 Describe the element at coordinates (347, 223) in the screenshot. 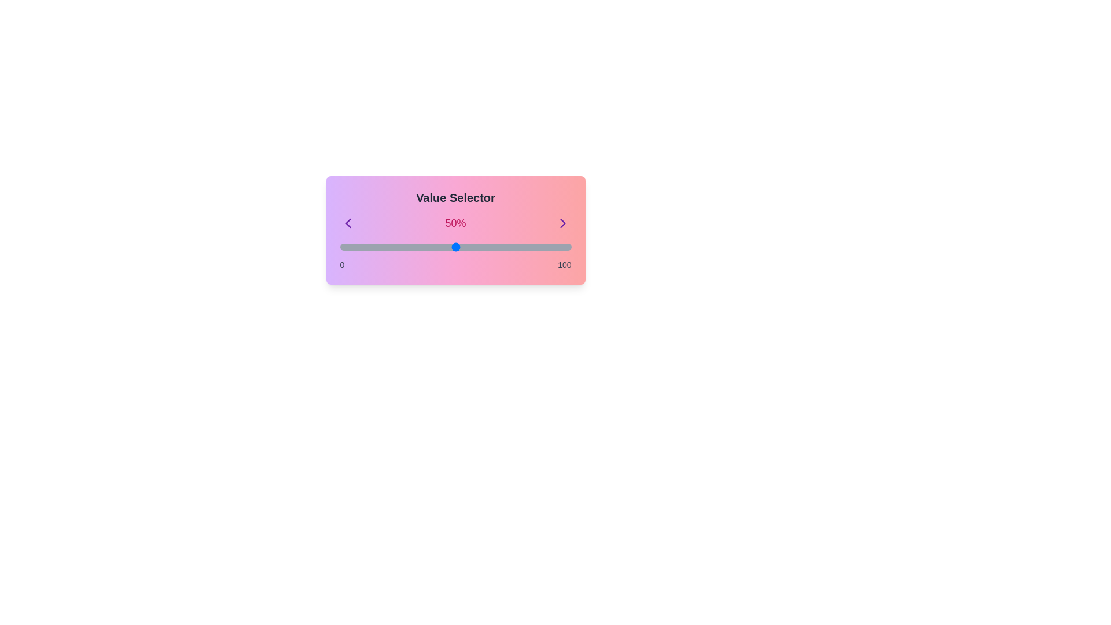

I see `the left chevron button to decrease the value` at that location.